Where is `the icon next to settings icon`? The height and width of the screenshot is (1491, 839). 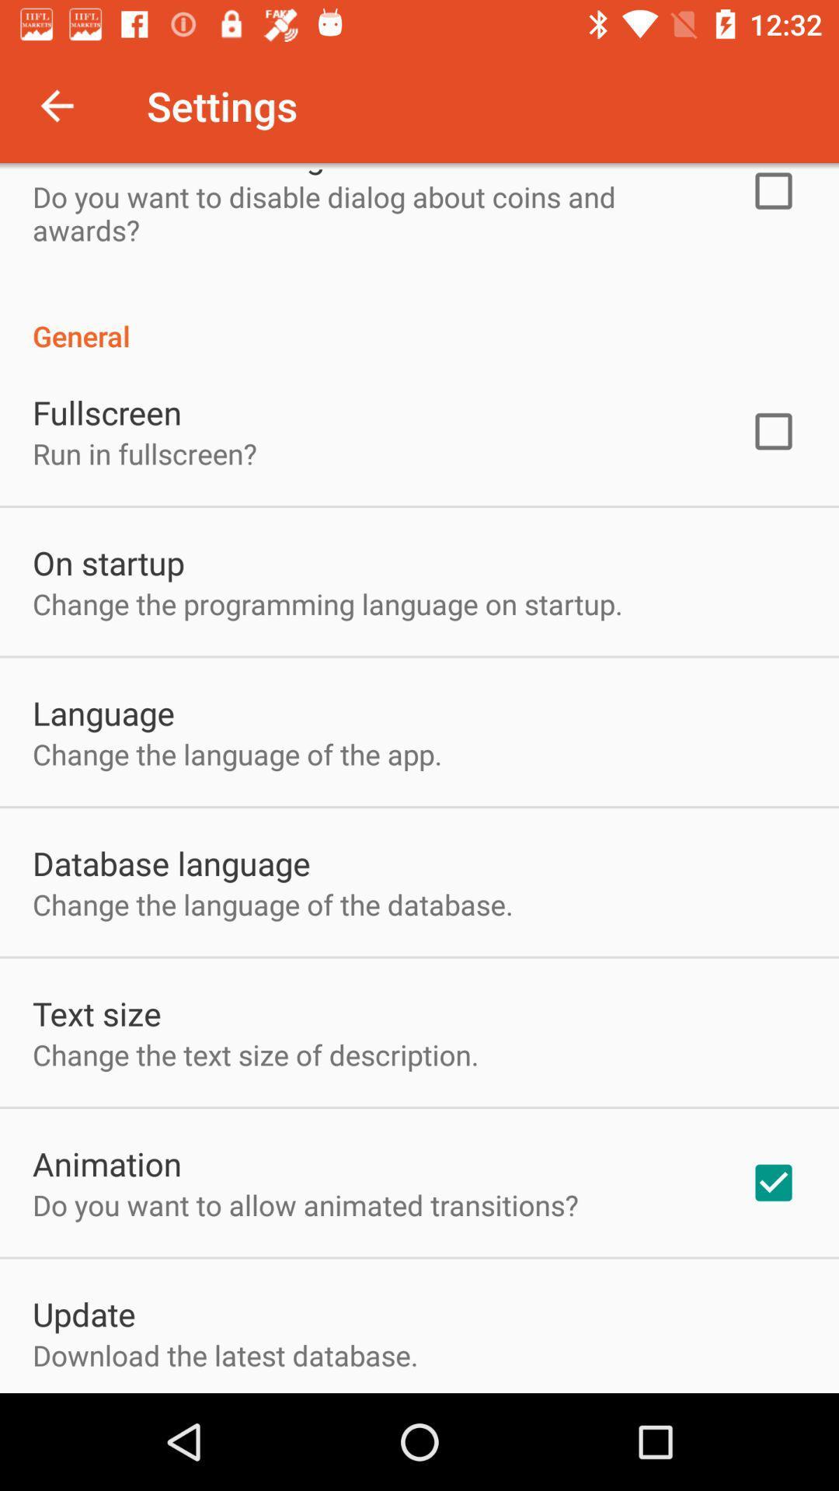 the icon next to settings icon is located at coordinates (56, 105).